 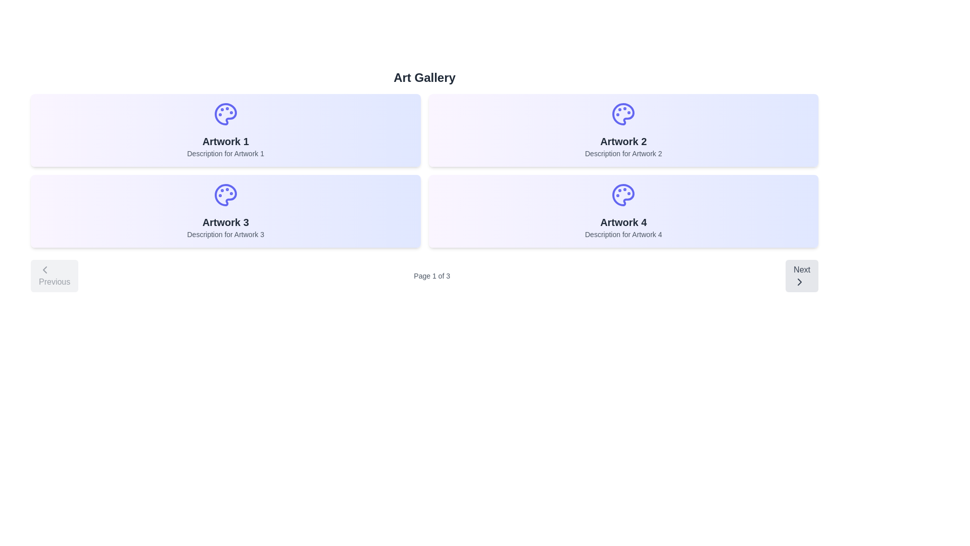 What do you see at coordinates (225, 142) in the screenshot?
I see `text label that serves as the title or identifier for the corresponding artwork, located at the center of the top-left card in the 'Artwork 1 Description for Artwork 1' section` at bounding box center [225, 142].